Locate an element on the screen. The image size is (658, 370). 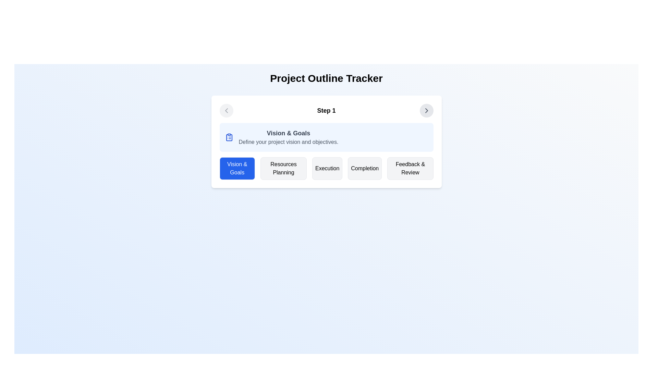
the first button in the 'Step 1' section is located at coordinates (237, 169).